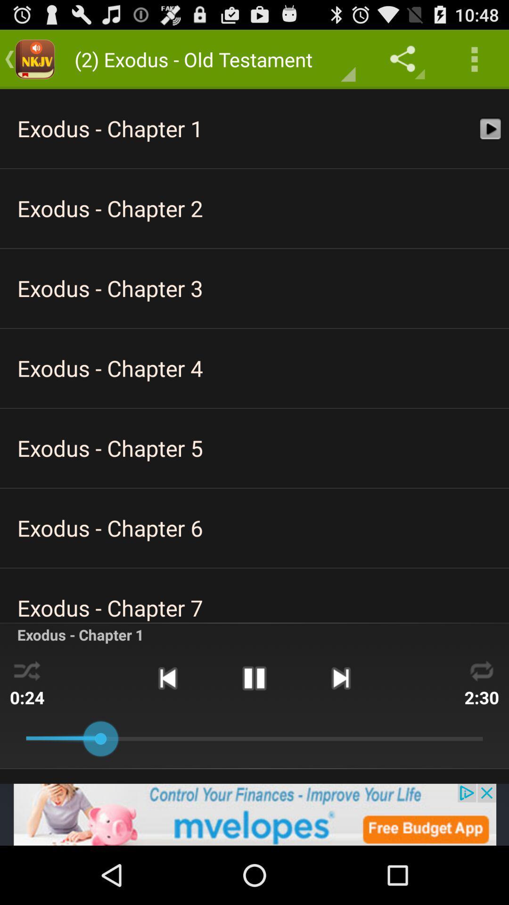 The image size is (509, 905). Describe the element at coordinates (167, 725) in the screenshot. I see `the skip_previous icon` at that location.